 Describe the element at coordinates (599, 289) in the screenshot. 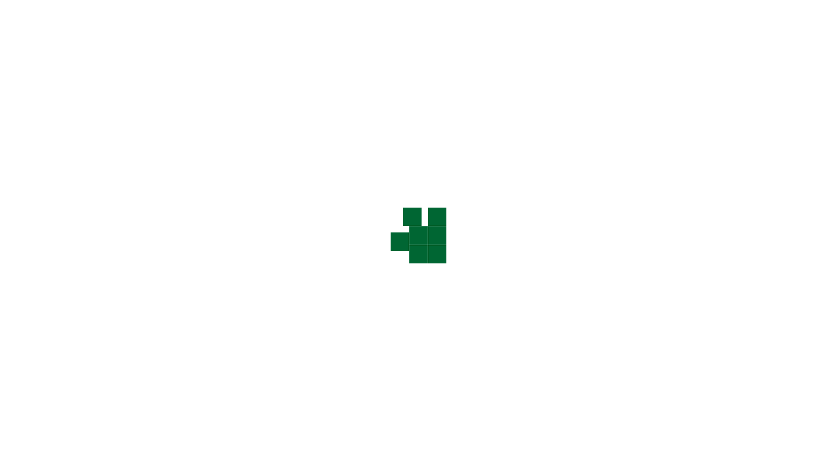

I see `'What safety precautions should be taken during tree removal?'` at that location.